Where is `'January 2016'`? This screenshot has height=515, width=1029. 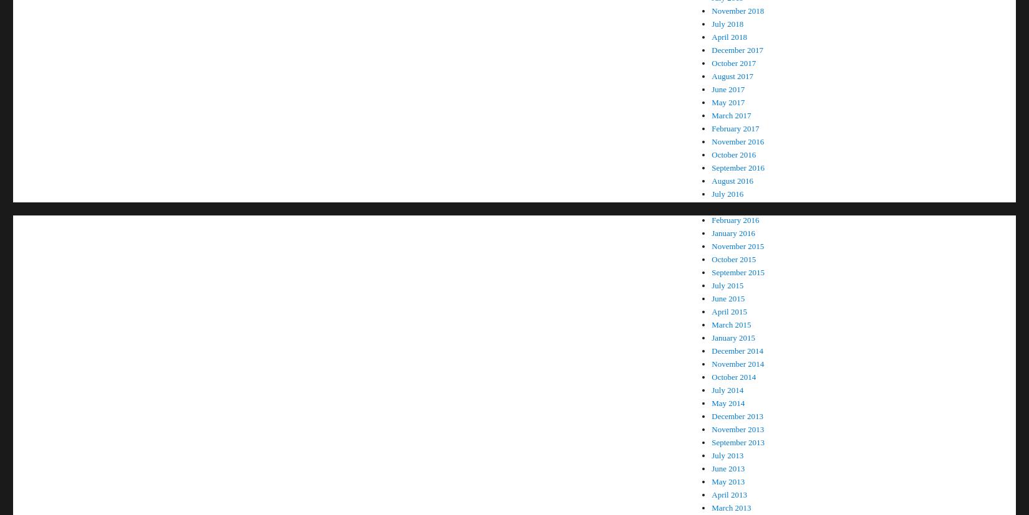 'January 2016' is located at coordinates (733, 232).